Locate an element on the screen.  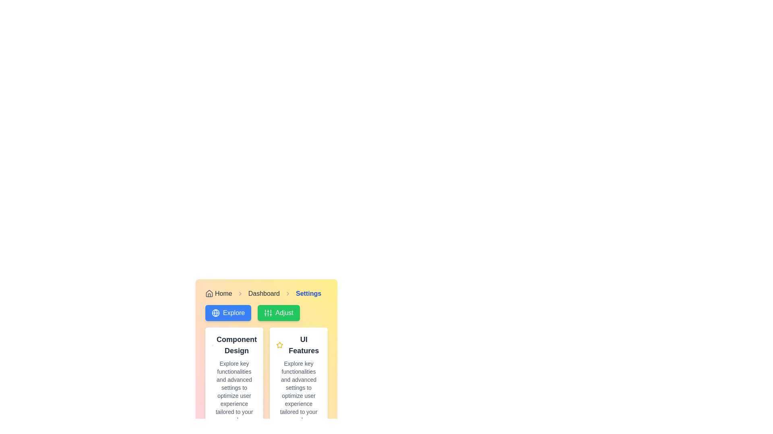
the details of the 'Explore' icon located inside the blue button on the left side of the top bar is located at coordinates (216, 313).